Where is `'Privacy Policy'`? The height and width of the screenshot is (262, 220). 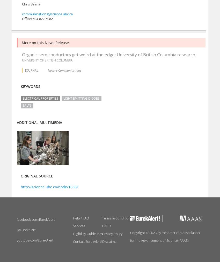 'Privacy Policy' is located at coordinates (112, 234).